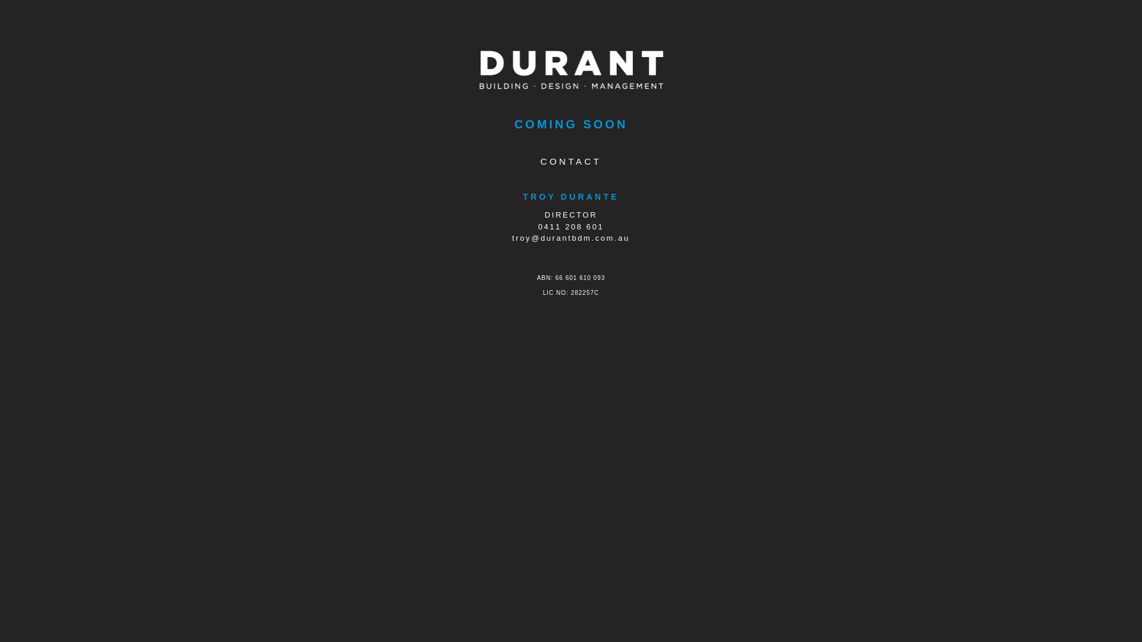 The width and height of the screenshot is (1142, 642). Describe the element at coordinates (571, 238) in the screenshot. I see `'troy@durantbdm.com.au'` at that location.